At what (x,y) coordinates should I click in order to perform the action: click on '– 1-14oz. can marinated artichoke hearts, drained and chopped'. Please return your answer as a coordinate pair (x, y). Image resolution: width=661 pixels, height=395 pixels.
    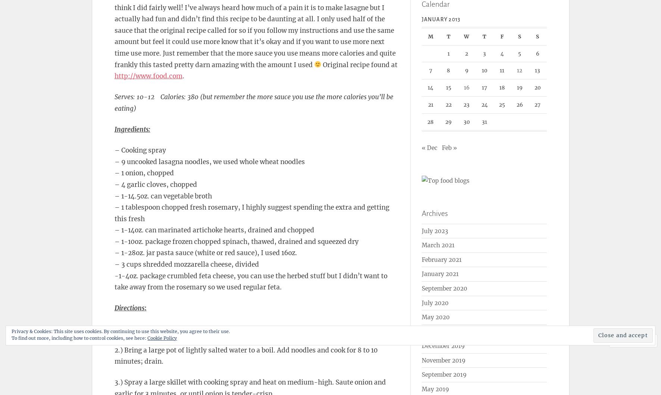
    Looking at the image, I should click on (114, 229).